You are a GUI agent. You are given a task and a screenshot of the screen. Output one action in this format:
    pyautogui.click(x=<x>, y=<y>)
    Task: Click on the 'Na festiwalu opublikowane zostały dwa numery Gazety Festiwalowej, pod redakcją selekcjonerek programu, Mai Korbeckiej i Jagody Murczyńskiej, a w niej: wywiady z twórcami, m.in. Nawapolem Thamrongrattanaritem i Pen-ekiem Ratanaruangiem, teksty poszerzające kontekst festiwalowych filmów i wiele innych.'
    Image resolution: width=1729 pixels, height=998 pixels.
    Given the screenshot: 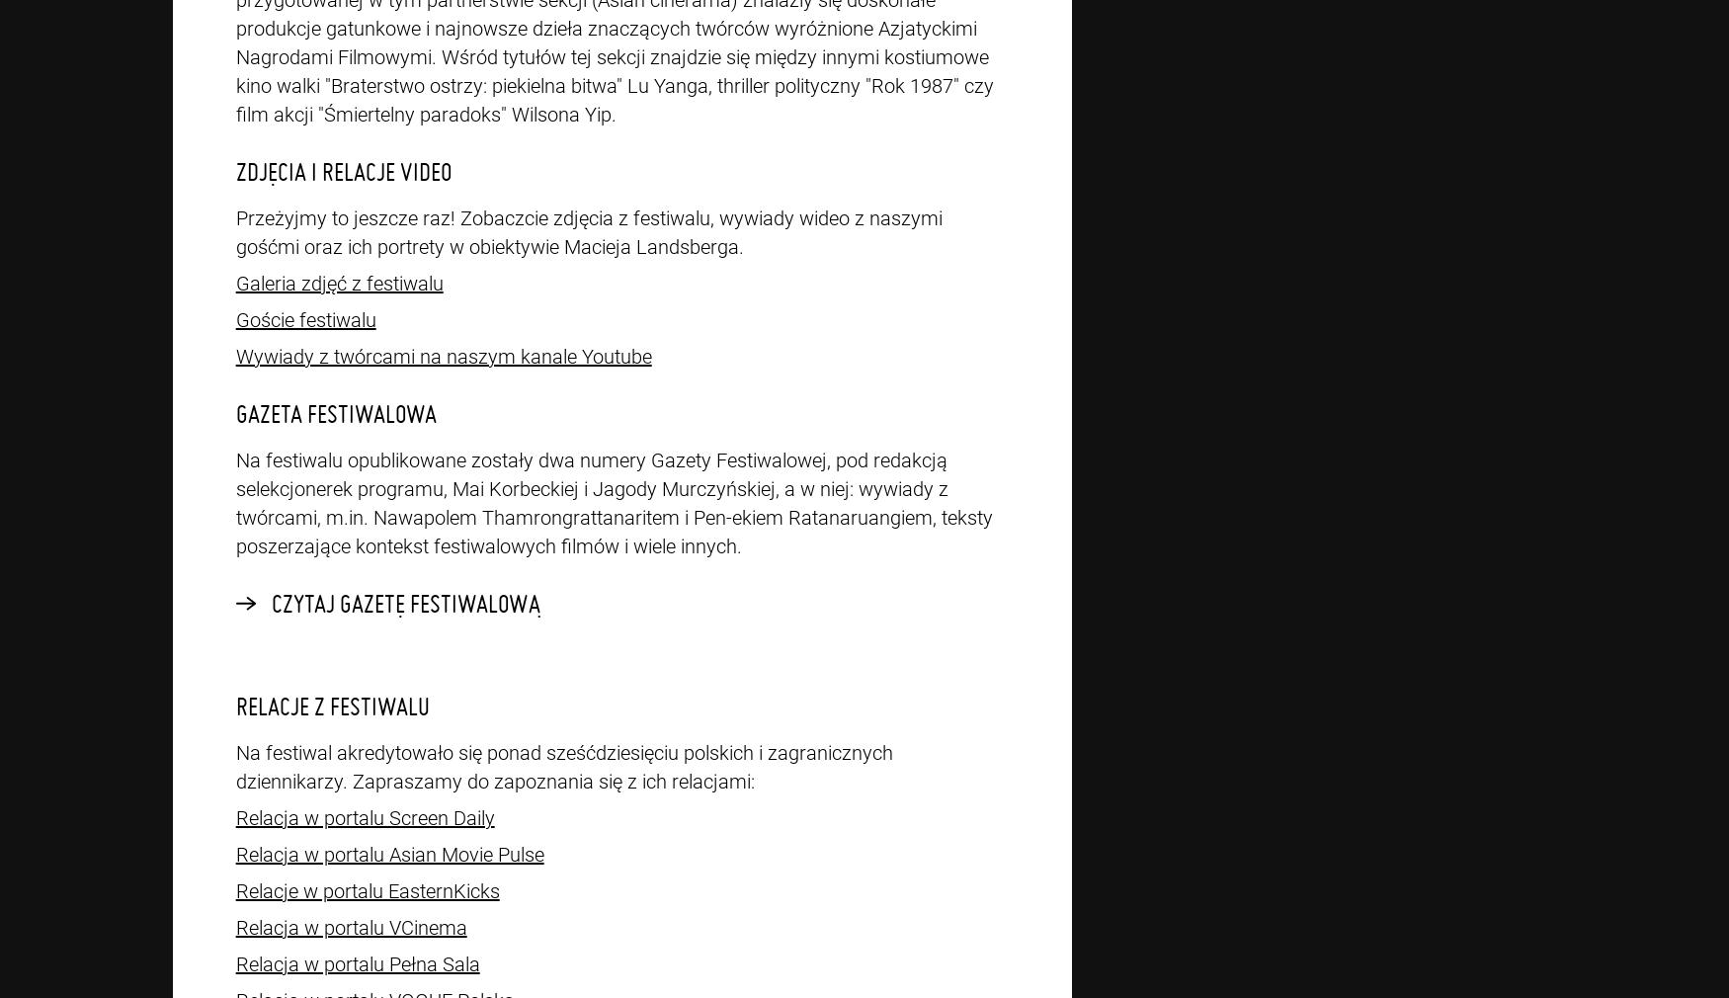 What is the action you would take?
    pyautogui.click(x=614, y=501)
    